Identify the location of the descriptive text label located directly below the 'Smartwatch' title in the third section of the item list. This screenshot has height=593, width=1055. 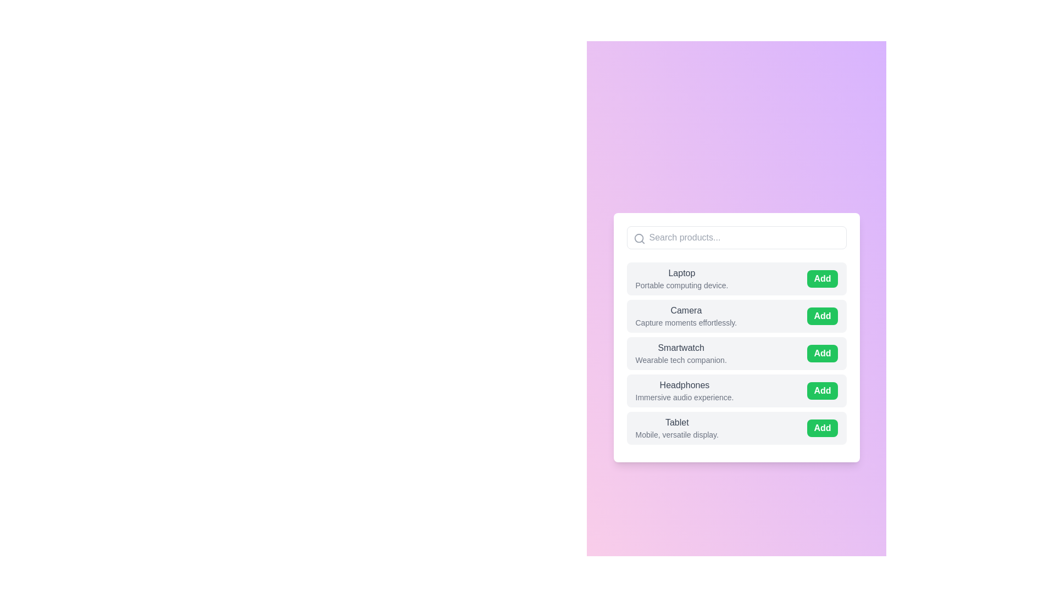
(680, 360).